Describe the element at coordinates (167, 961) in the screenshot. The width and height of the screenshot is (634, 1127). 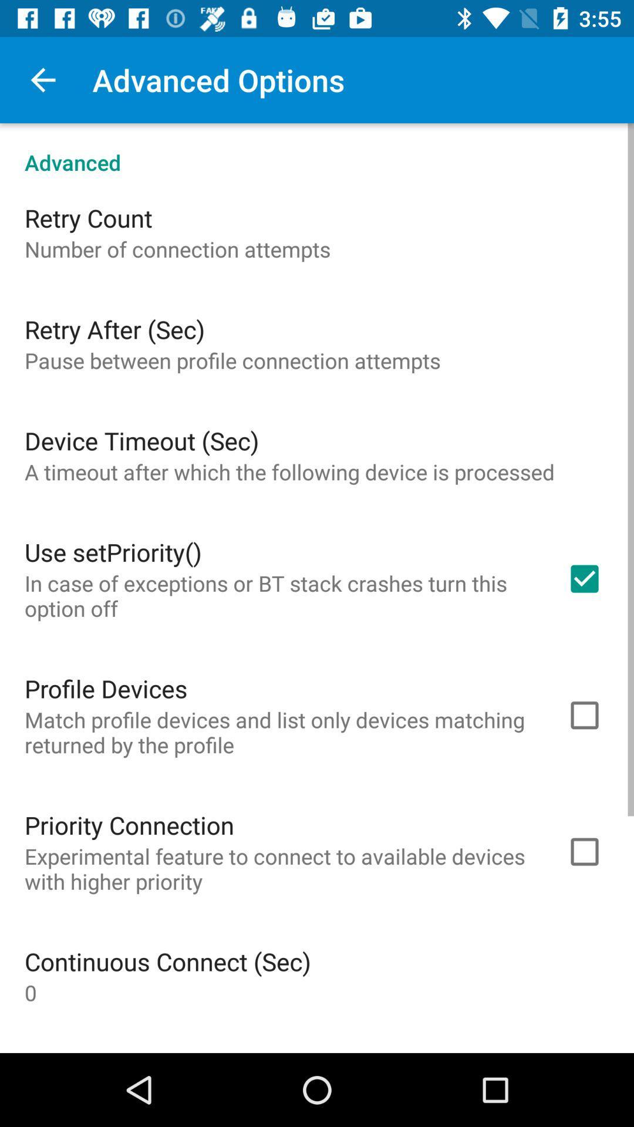
I see `continuous connect (sec) item` at that location.